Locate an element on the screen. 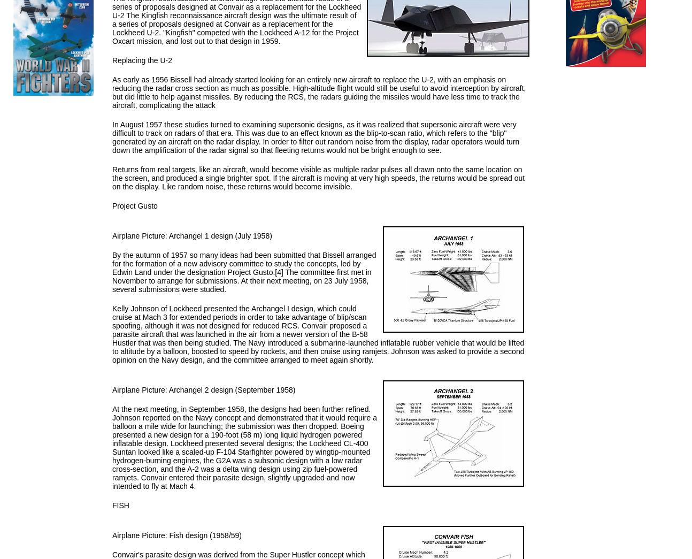 Image resolution: width=692 pixels, height=559 pixels. 'Airplane Picture: Archangel 2 design (September 1958)' is located at coordinates (203, 389).